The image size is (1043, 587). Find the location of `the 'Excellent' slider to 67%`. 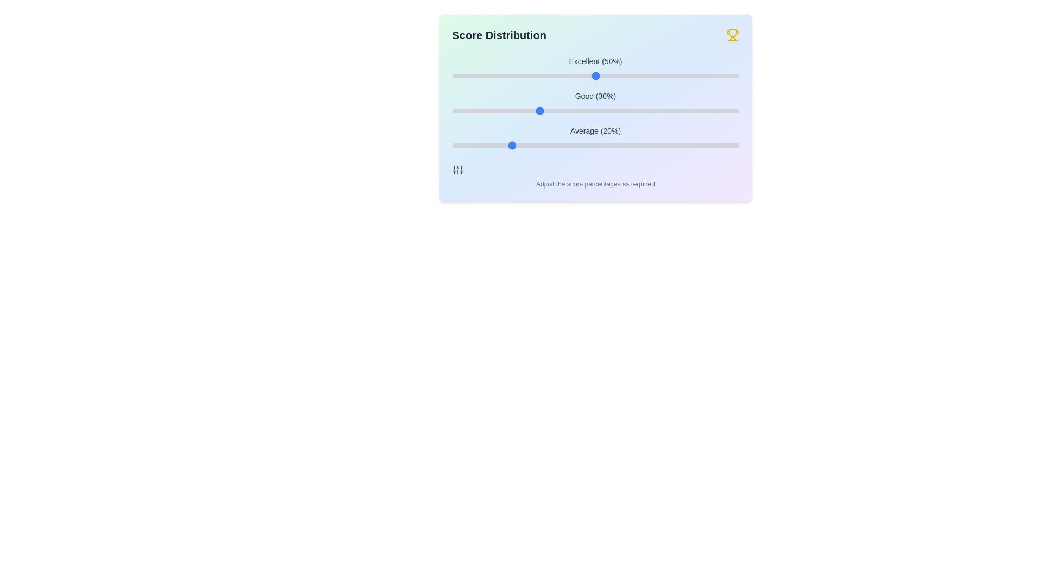

the 'Excellent' slider to 67% is located at coordinates (644, 75).